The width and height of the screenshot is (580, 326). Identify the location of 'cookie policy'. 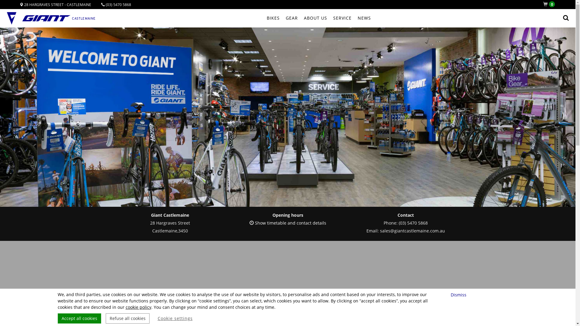
(138, 307).